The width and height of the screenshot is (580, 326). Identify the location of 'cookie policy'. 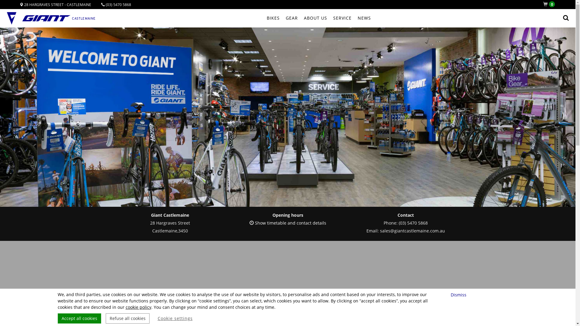
(138, 307).